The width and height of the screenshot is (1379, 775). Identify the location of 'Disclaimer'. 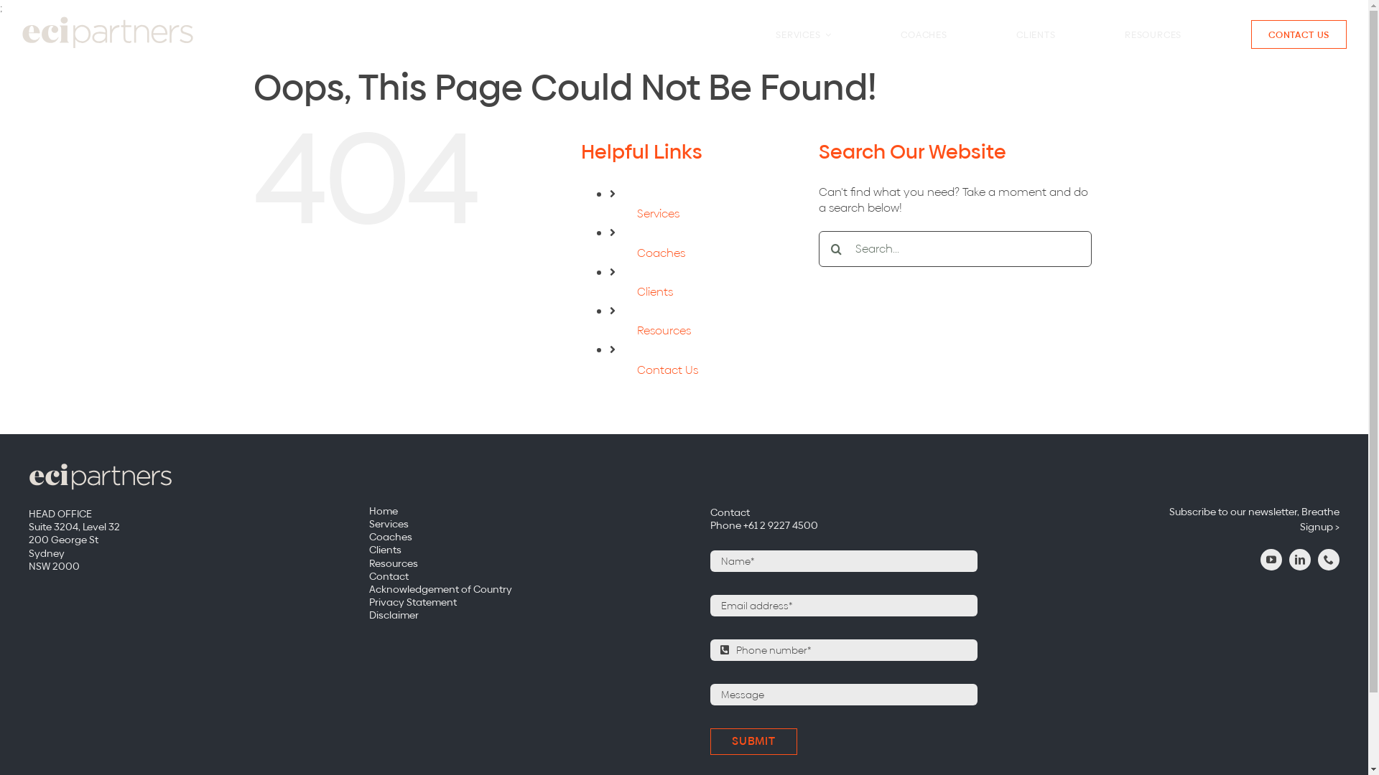
(368, 614).